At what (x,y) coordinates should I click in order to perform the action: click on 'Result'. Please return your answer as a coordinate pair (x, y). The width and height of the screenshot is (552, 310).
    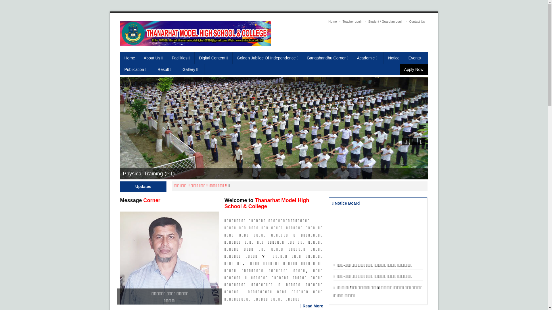
    Looking at the image, I should click on (165, 69).